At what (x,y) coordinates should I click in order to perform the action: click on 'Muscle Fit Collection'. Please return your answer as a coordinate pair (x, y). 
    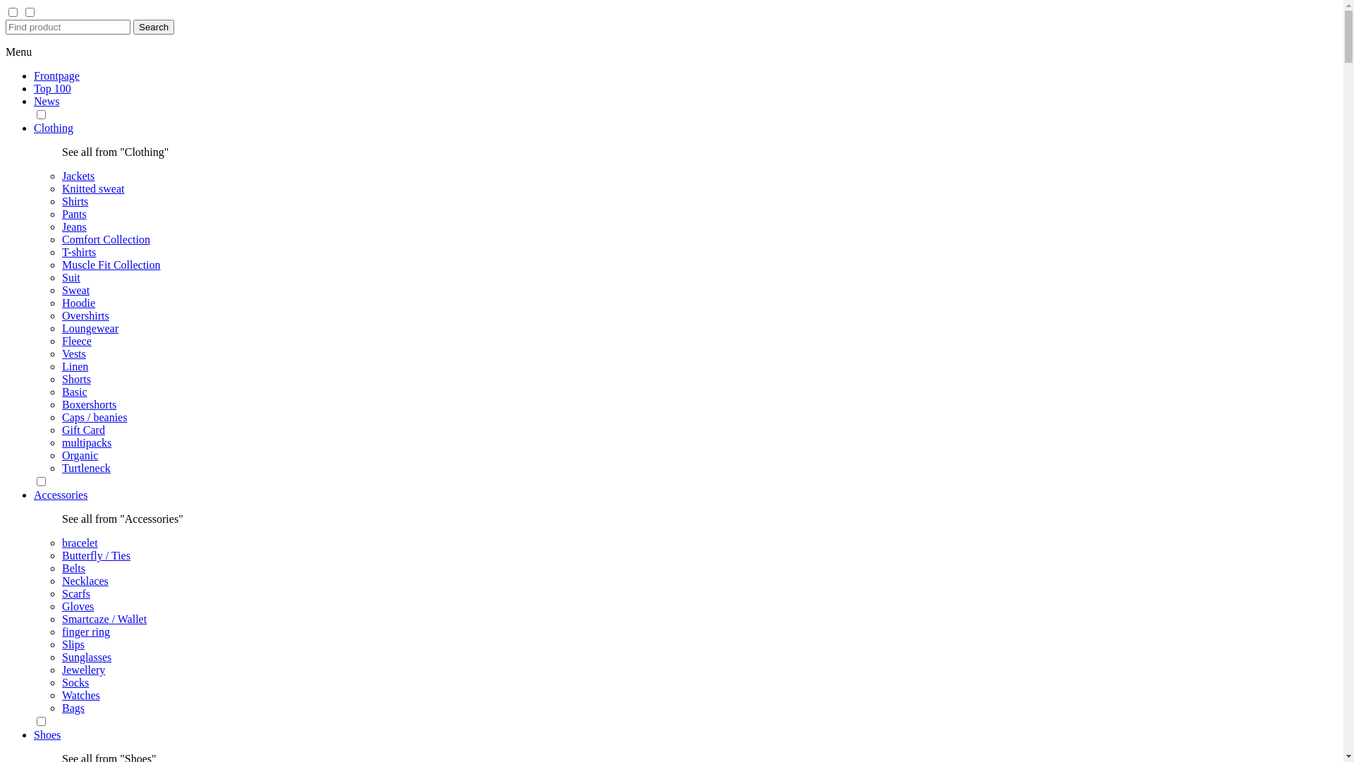
    Looking at the image, I should click on (111, 265).